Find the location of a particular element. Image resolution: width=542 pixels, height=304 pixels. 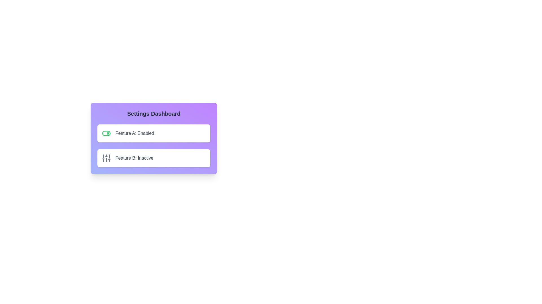

the toggle icon for Feature A to change its status is located at coordinates (106, 133).